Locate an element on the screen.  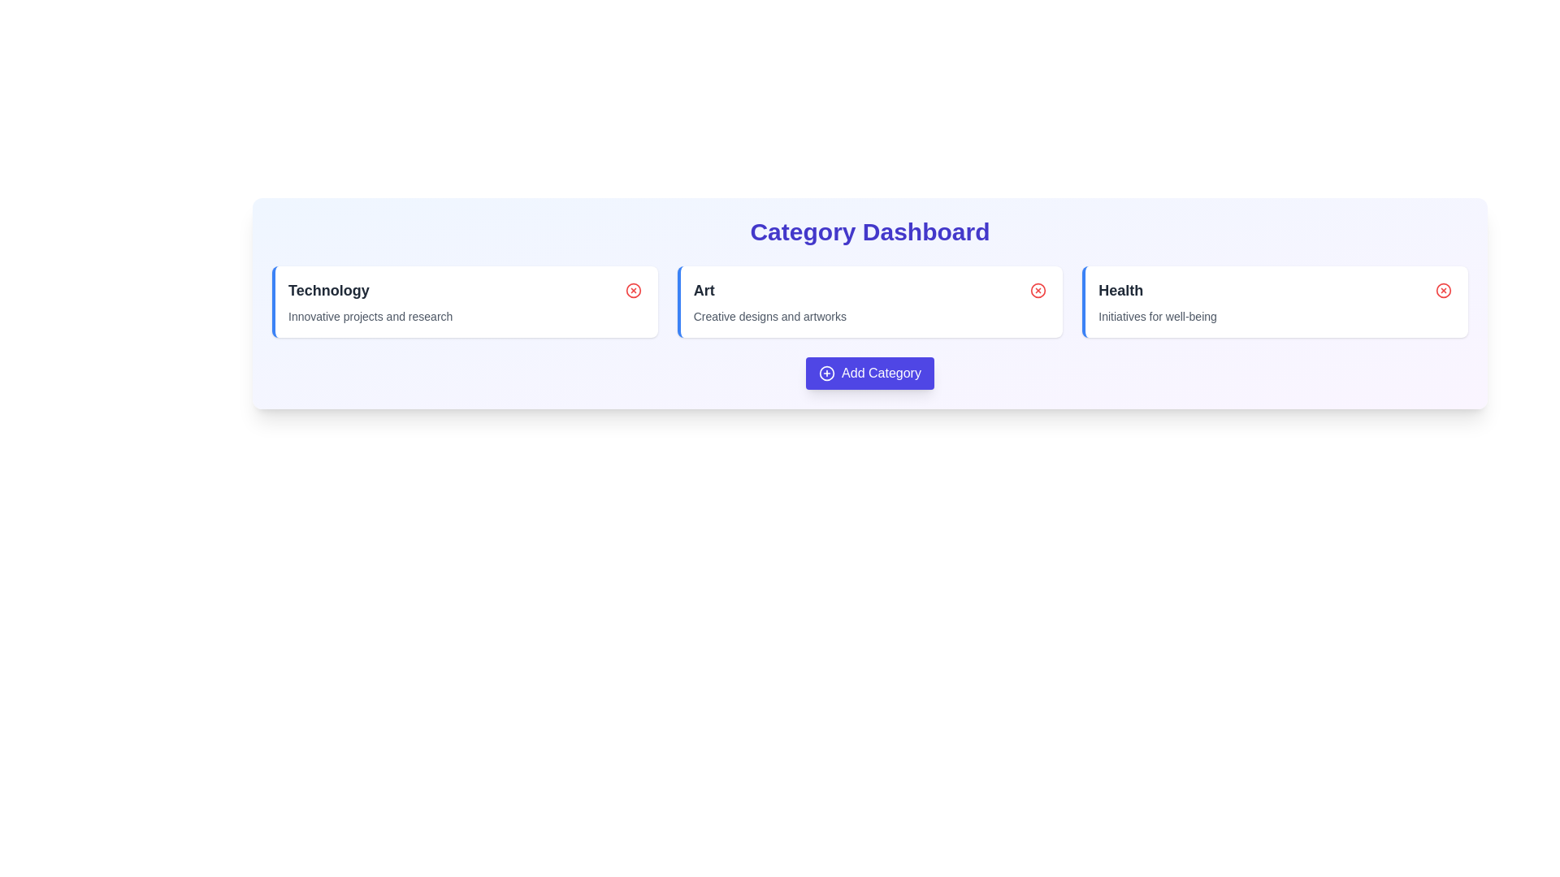
the remove icon button located in the top-right corner of the 'Health' card is located at coordinates (1443, 290).